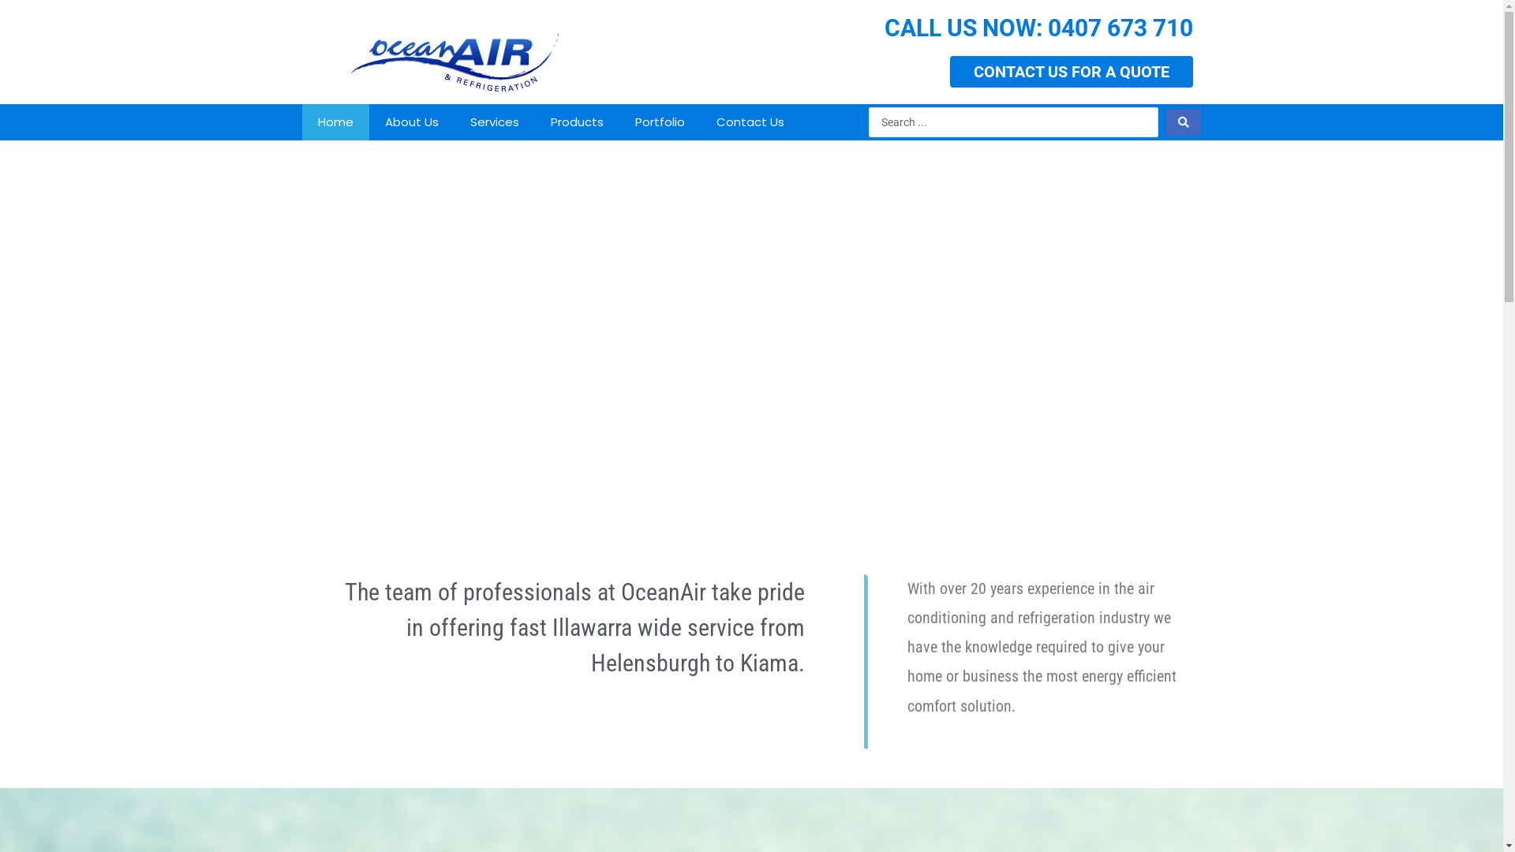  What do you see at coordinates (576, 121) in the screenshot?
I see `'Products'` at bounding box center [576, 121].